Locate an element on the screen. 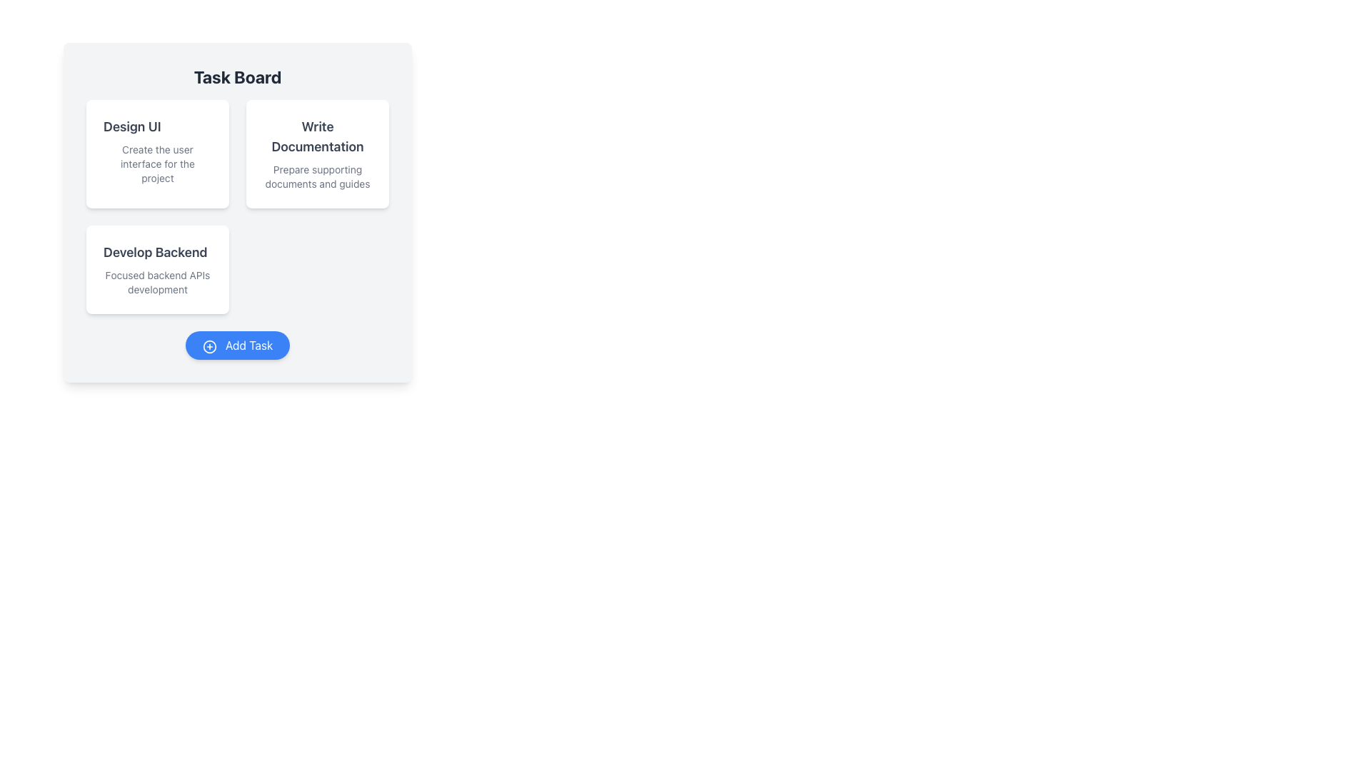 The height and width of the screenshot is (771, 1371). the graphical circle within the 'Add Task' button's icon, which signifies adding a task is located at coordinates (209, 346).